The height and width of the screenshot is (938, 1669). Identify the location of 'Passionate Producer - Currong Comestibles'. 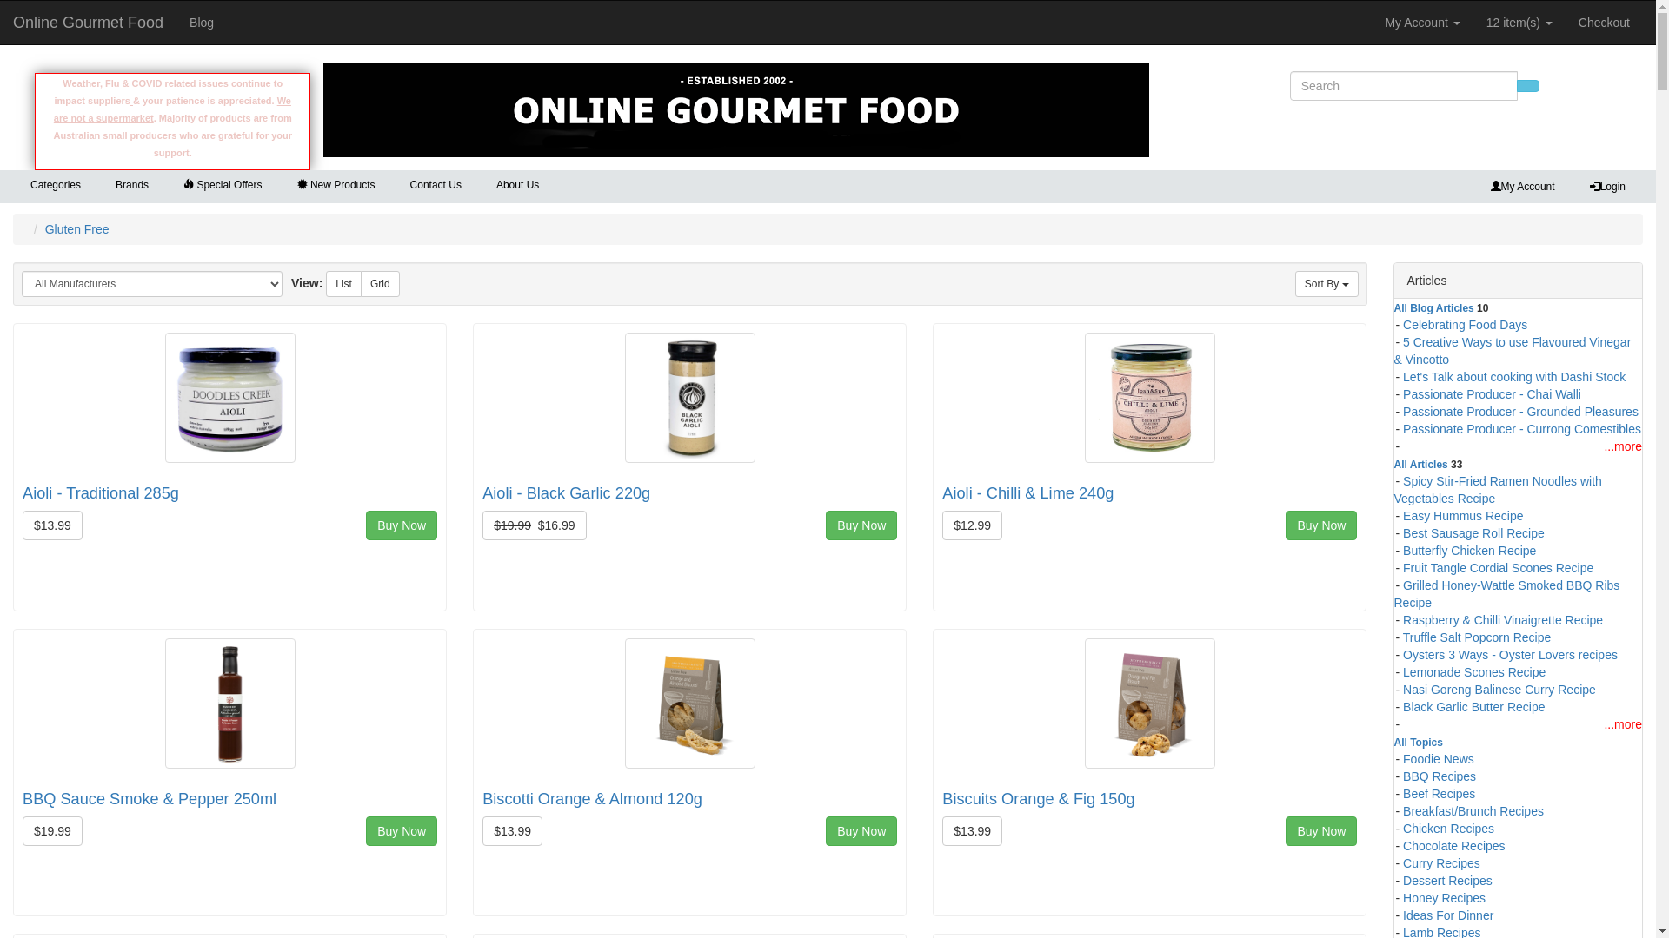
(1521, 427).